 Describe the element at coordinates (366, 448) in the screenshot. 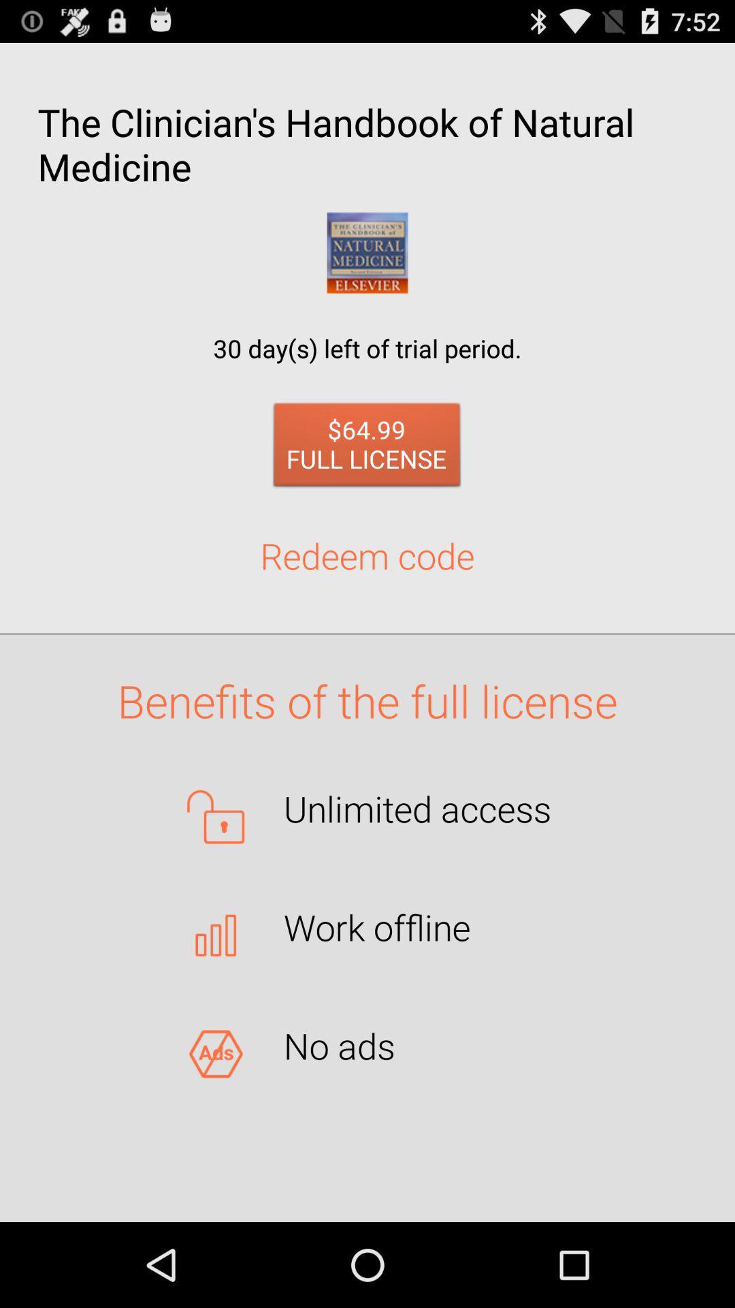

I see `icon below 30 day s app` at that location.